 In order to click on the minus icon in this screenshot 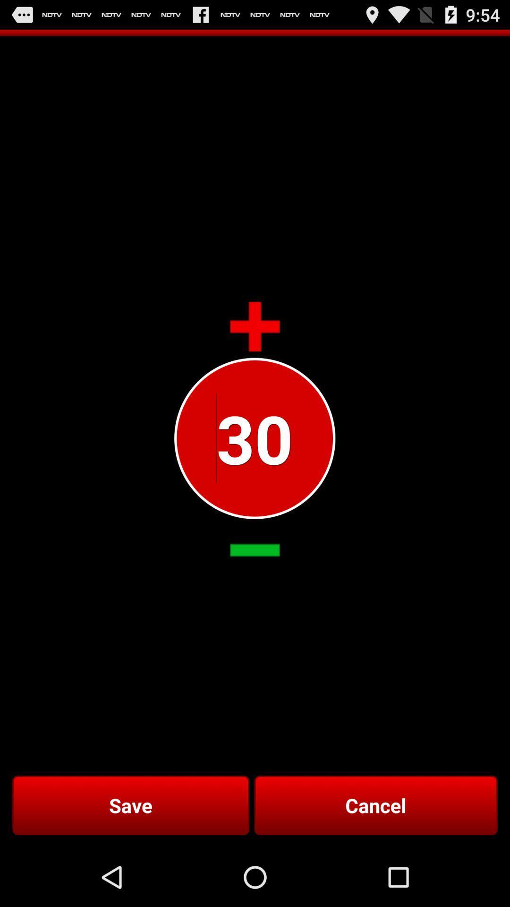, I will do `click(255, 588)`.